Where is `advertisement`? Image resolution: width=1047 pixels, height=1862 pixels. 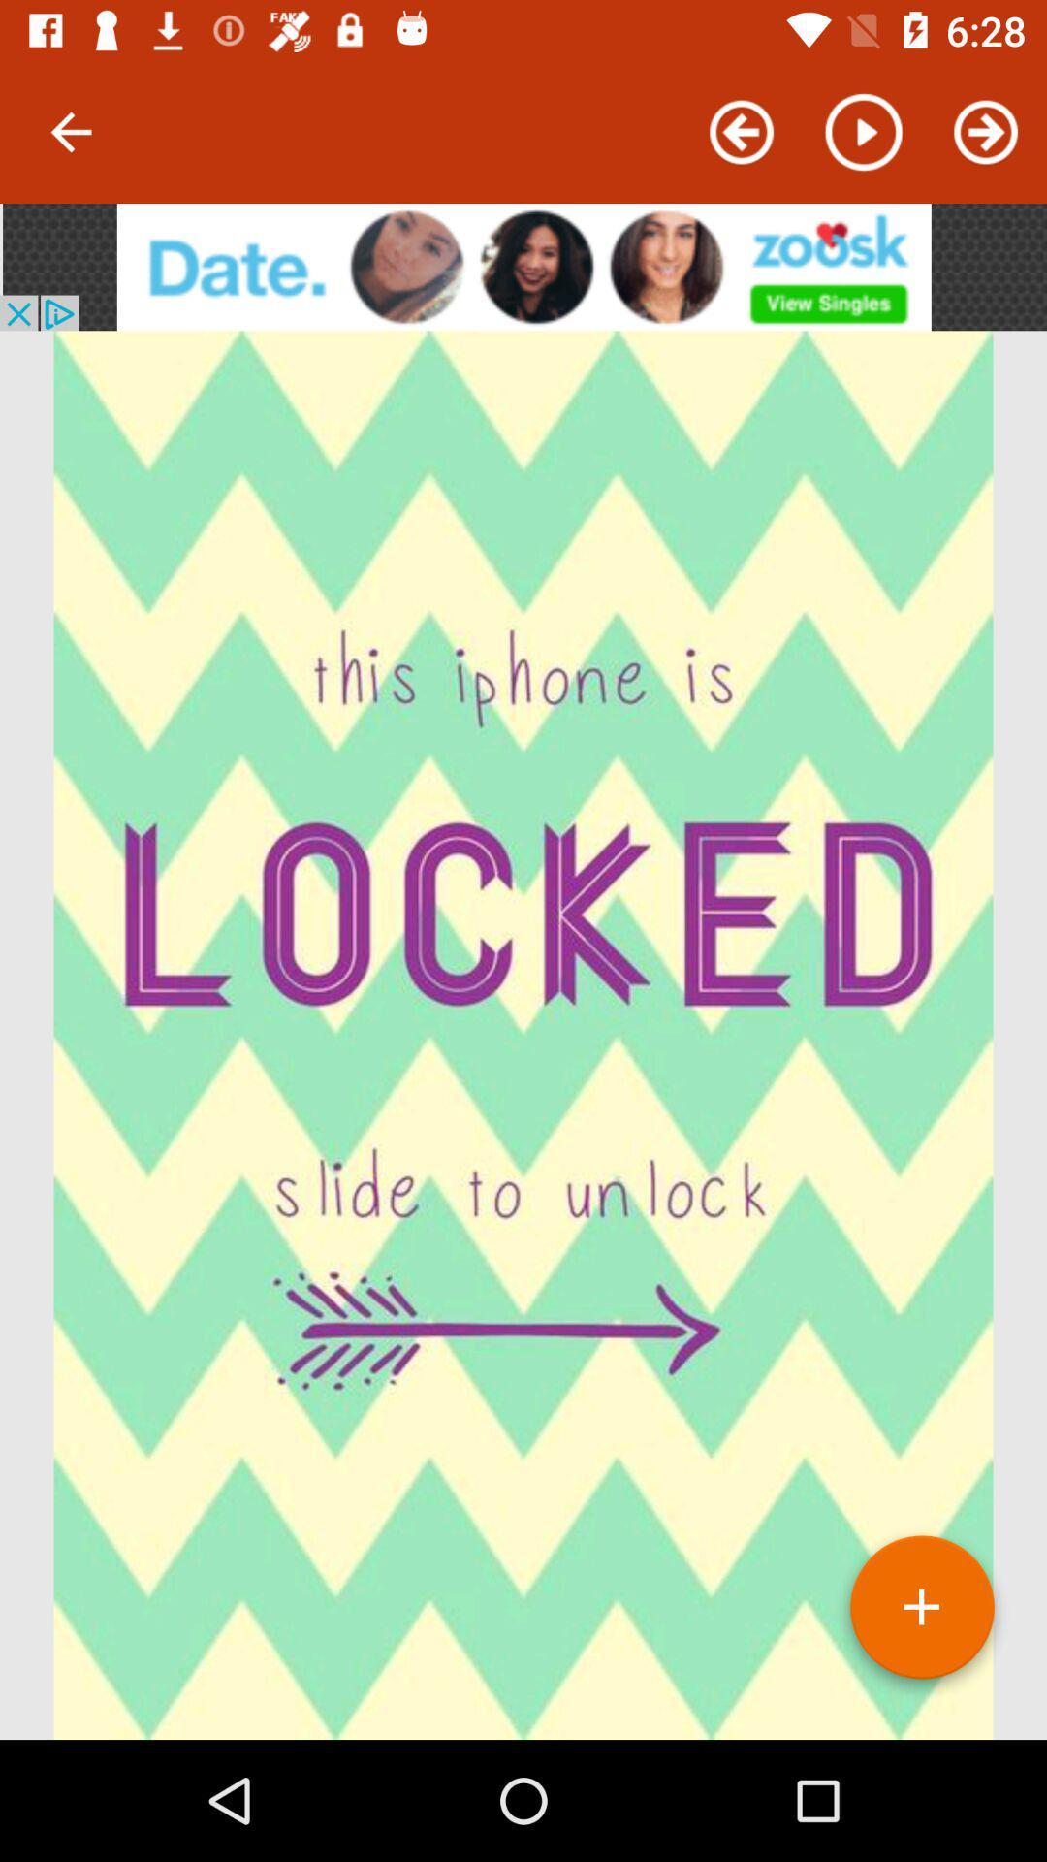
advertisement is located at coordinates (523, 266).